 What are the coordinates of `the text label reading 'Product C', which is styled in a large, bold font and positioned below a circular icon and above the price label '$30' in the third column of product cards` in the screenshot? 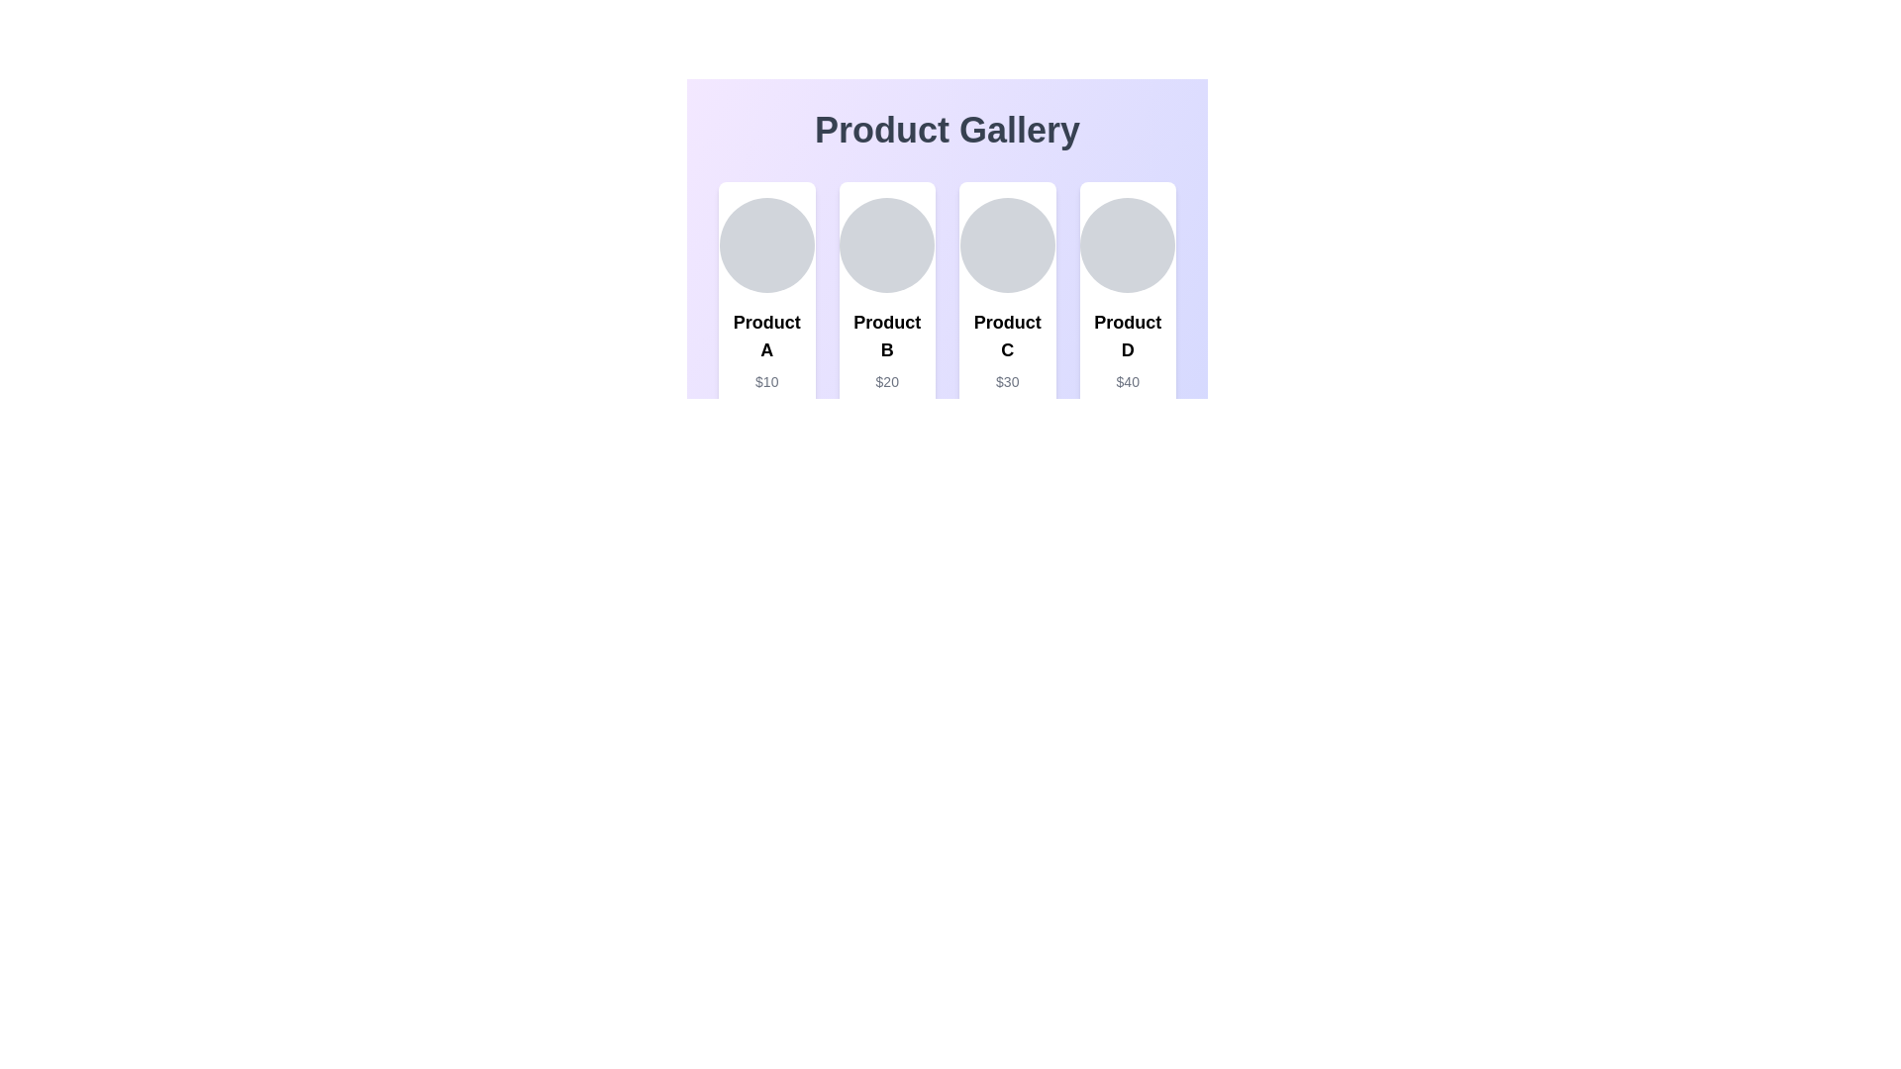 It's located at (1007, 335).